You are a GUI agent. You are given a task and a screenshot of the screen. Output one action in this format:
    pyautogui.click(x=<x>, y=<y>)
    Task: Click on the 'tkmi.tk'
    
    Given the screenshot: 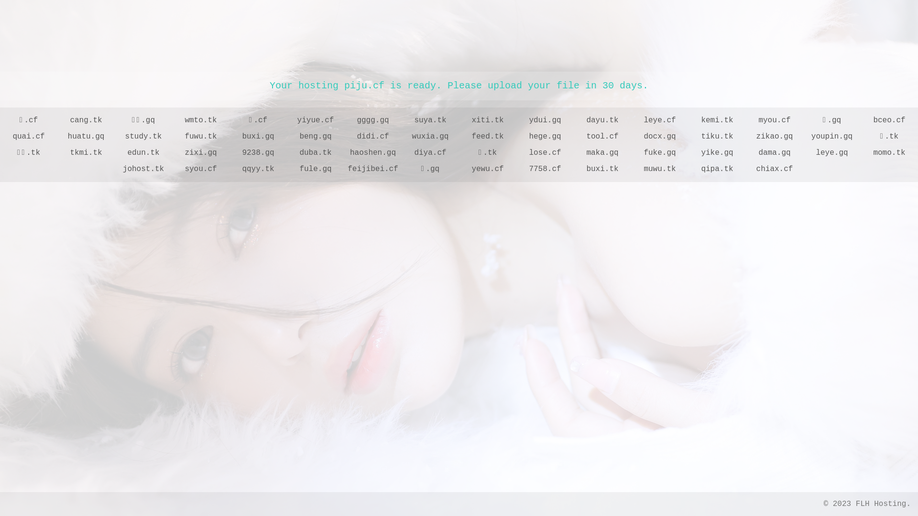 What is the action you would take?
    pyautogui.click(x=86, y=152)
    